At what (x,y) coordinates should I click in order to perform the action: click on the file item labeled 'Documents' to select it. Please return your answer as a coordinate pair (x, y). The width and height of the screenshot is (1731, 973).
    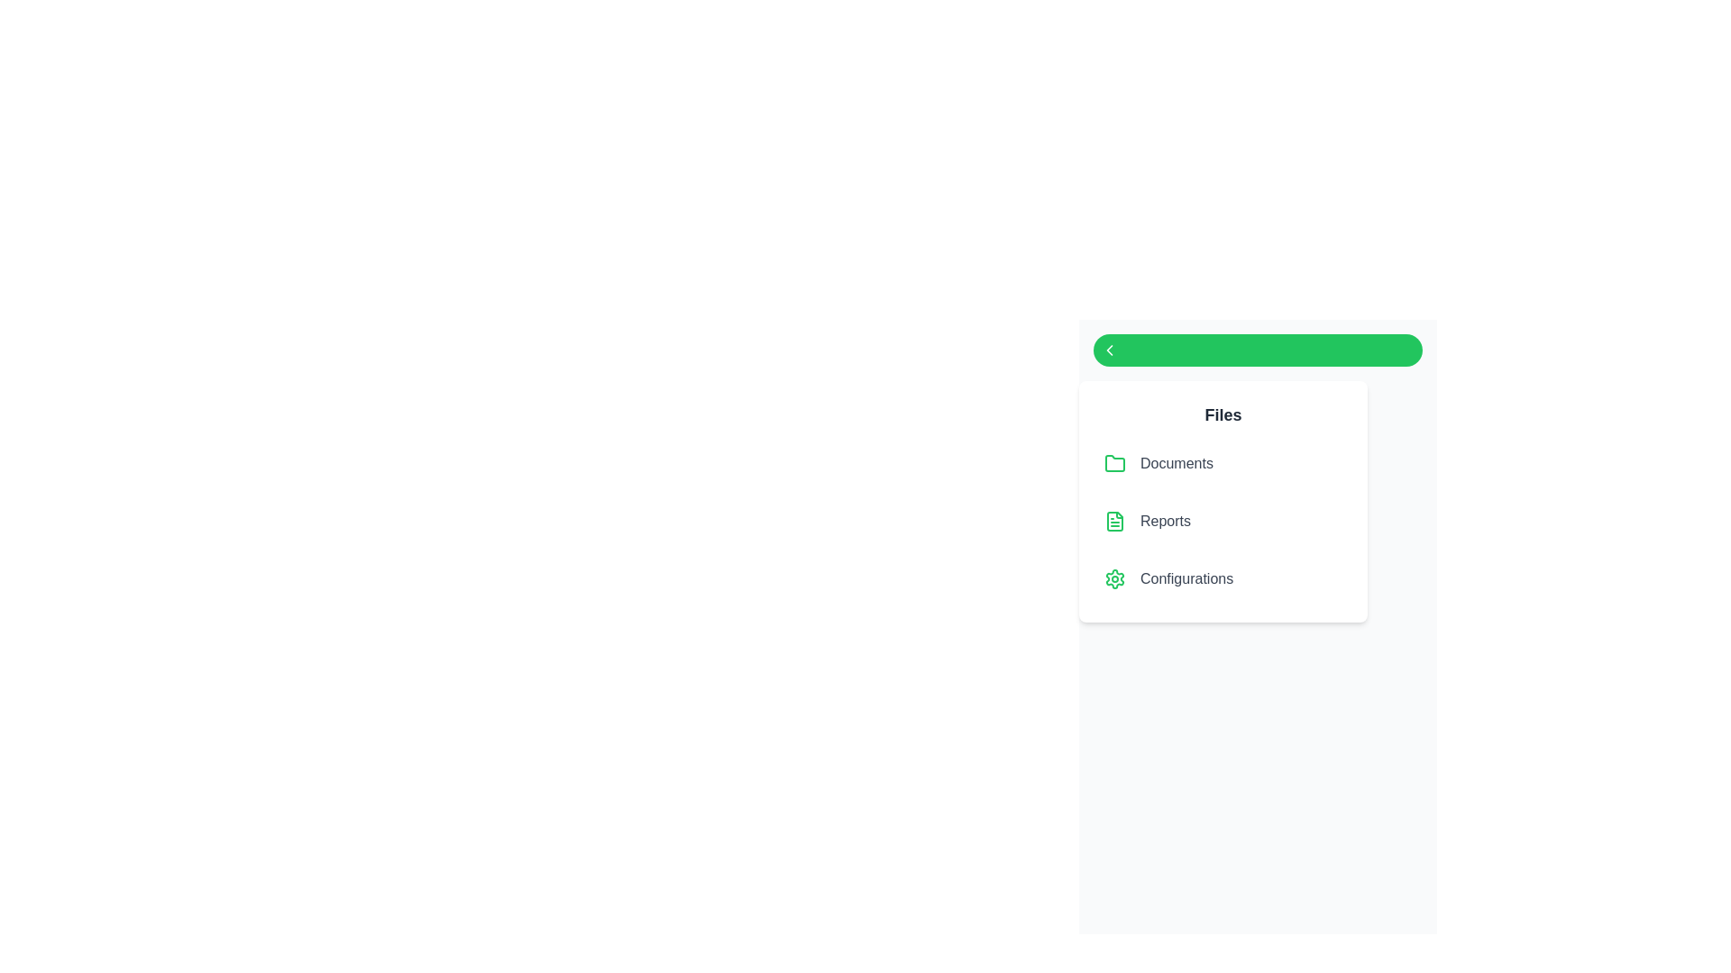
    Looking at the image, I should click on (1223, 463).